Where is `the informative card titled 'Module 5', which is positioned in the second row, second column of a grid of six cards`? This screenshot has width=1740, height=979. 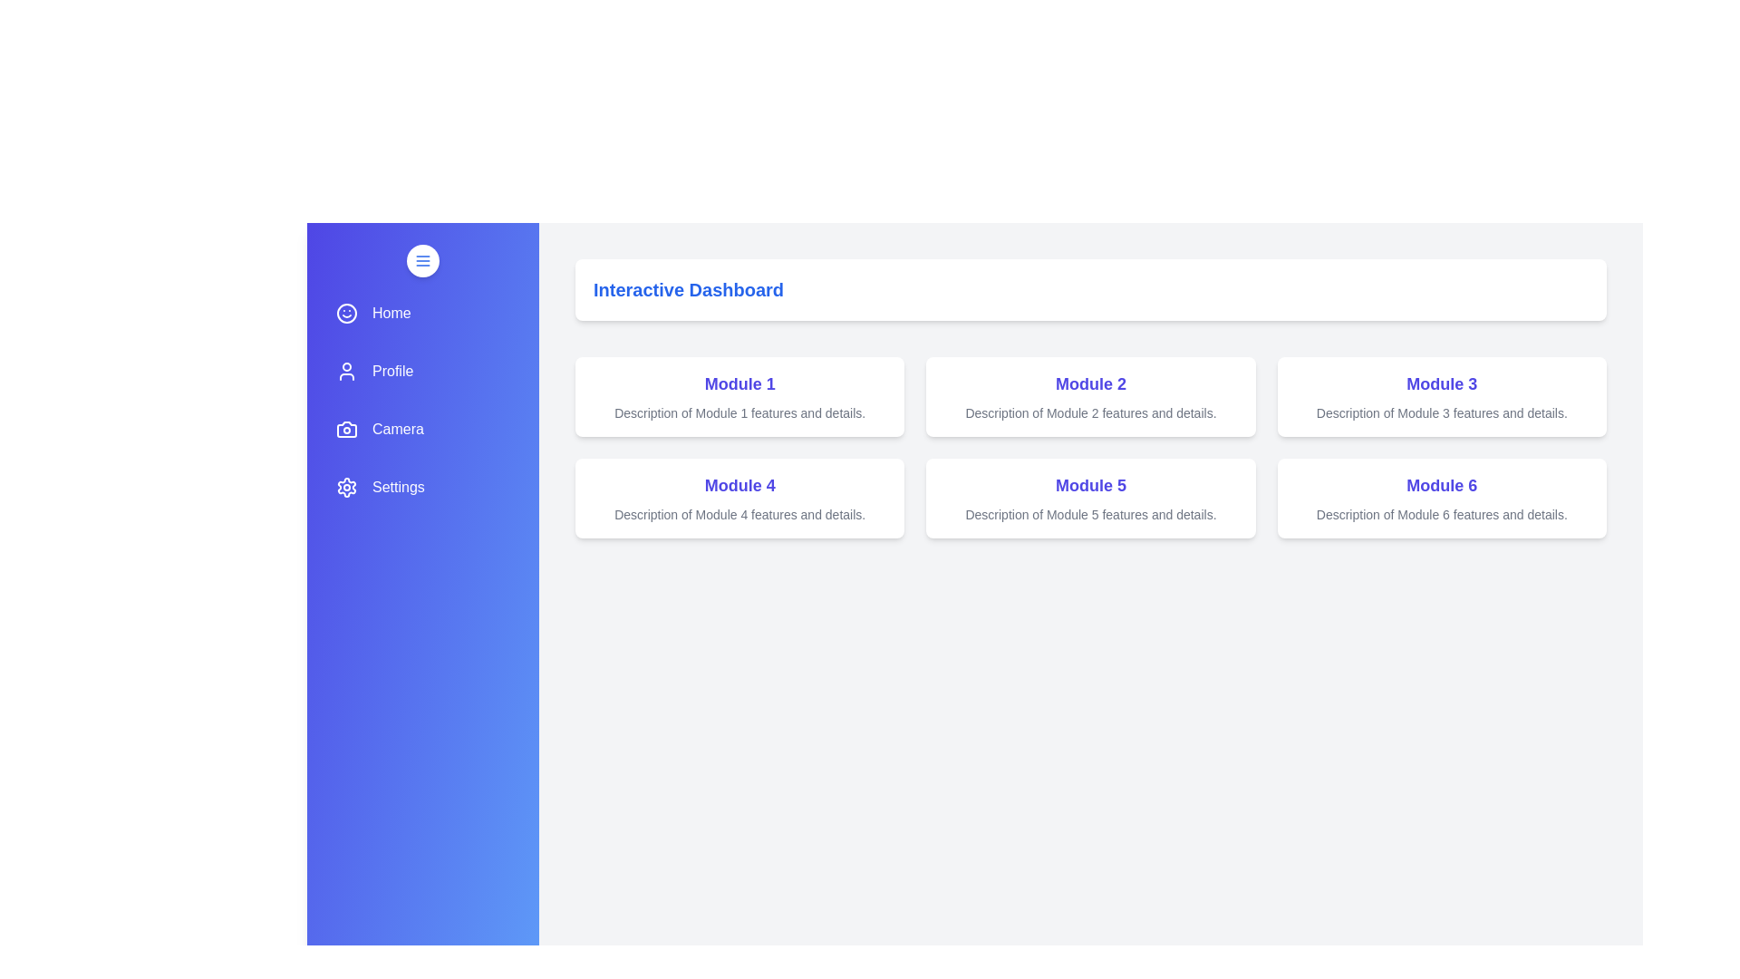 the informative card titled 'Module 5', which is positioned in the second row, second column of a grid of six cards is located at coordinates (1090, 499).